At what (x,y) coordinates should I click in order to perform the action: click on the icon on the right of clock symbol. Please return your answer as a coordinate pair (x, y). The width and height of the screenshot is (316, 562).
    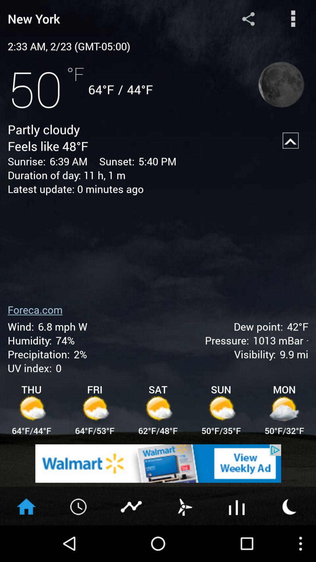
    Looking at the image, I should click on (132, 506).